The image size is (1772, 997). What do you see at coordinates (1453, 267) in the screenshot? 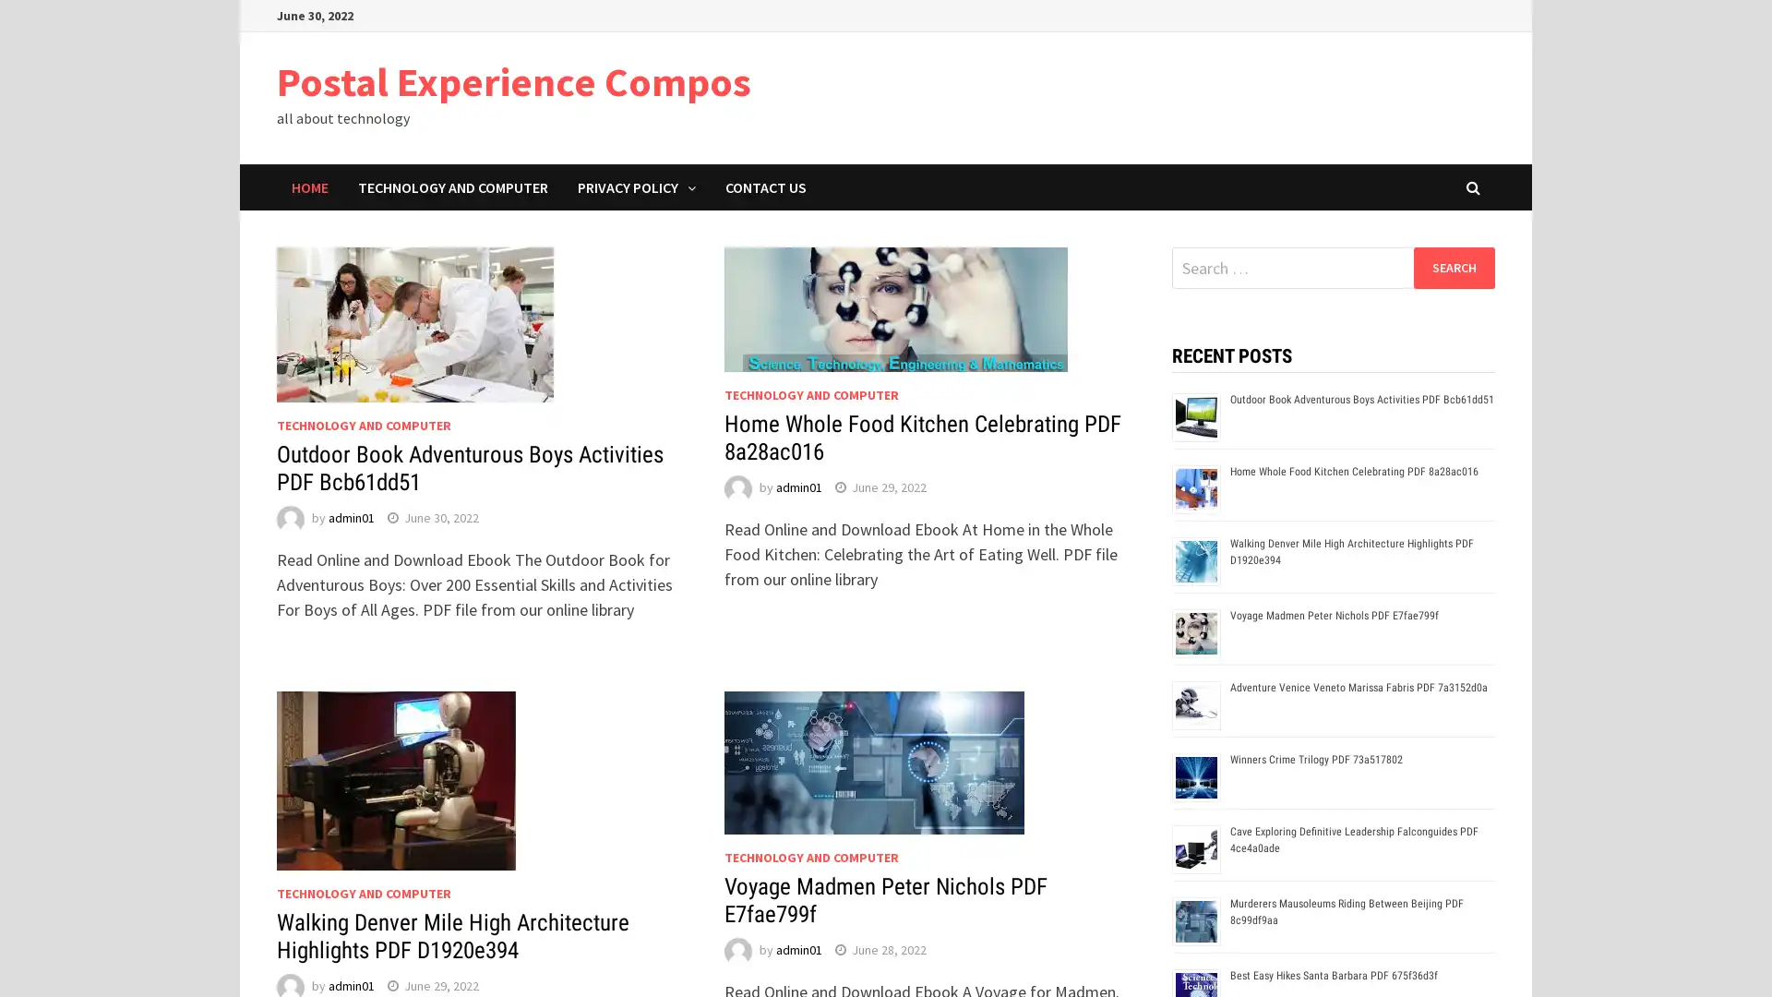
I see `Search` at bounding box center [1453, 267].